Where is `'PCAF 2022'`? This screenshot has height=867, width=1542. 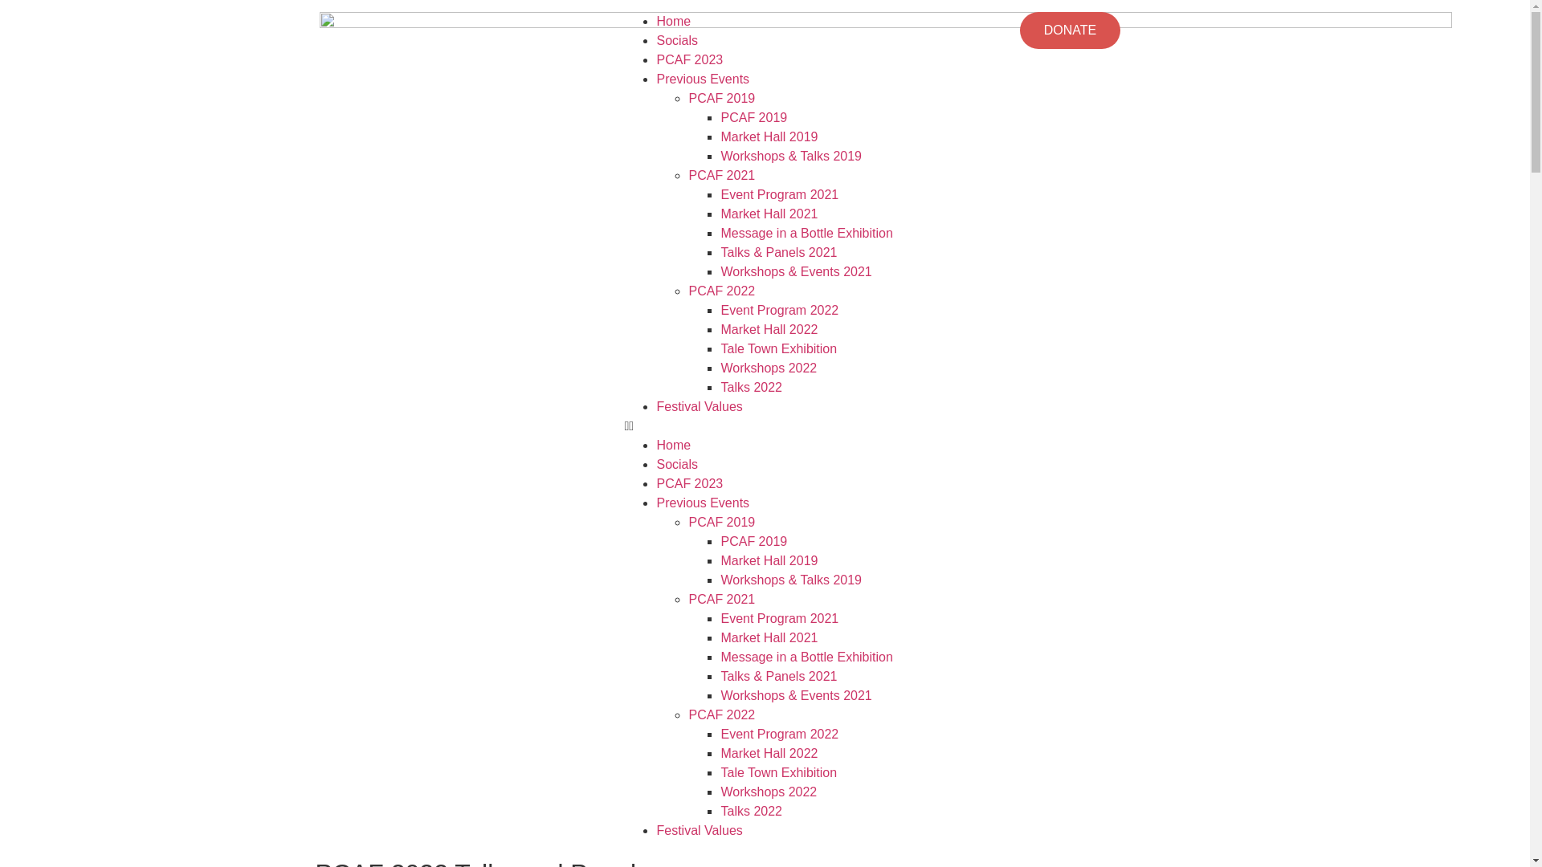
'PCAF 2022' is located at coordinates (688, 291).